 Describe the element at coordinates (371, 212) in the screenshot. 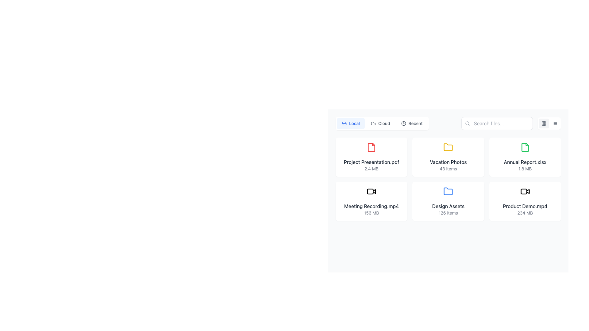

I see `the text label displaying '156 MB', which is located beneath the 'Meeting Recording.mp4' text within its file card in the grid layout` at that location.